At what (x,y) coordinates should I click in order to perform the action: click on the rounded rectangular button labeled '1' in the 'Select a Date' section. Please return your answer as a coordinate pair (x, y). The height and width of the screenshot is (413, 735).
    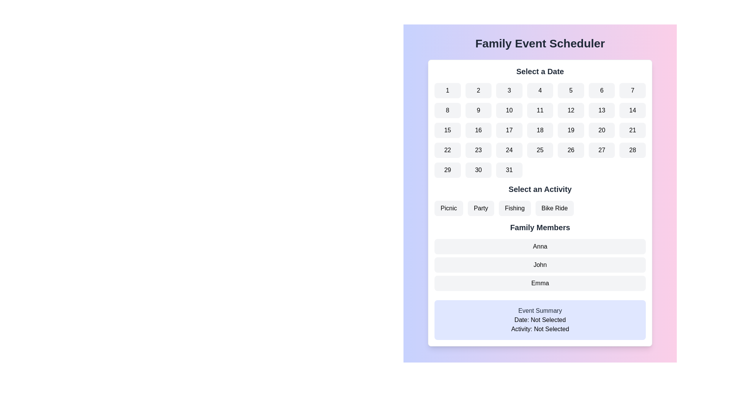
    Looking at the image, I should click on (448, 90).